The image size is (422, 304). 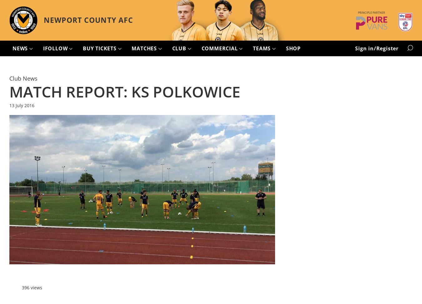 What do you see at coordinates (285, 48) in the screenshot?
I see `'SHOP'` at bounding box center [285, 48].